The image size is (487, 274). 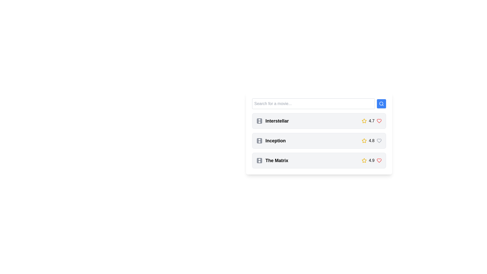 What do you see at coordinates (372, 160) in the screenshot?
I see `the rating text element that displays the movie 'The Matrix' rating, situated between a star icon on the left and a heart icon on the right` at bounding box center [372, 160].